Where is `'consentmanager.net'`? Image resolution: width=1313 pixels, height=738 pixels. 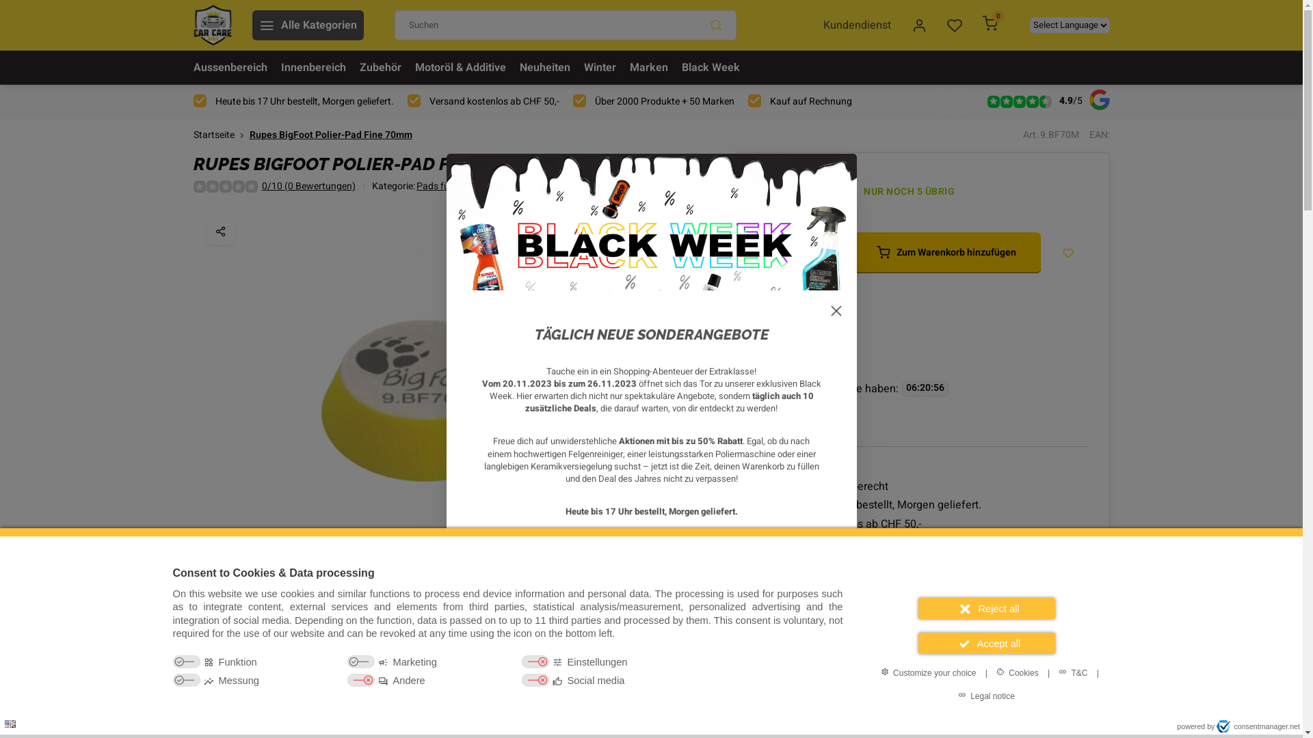
'consentmanager.net' is located at coordinates (1258, 726).